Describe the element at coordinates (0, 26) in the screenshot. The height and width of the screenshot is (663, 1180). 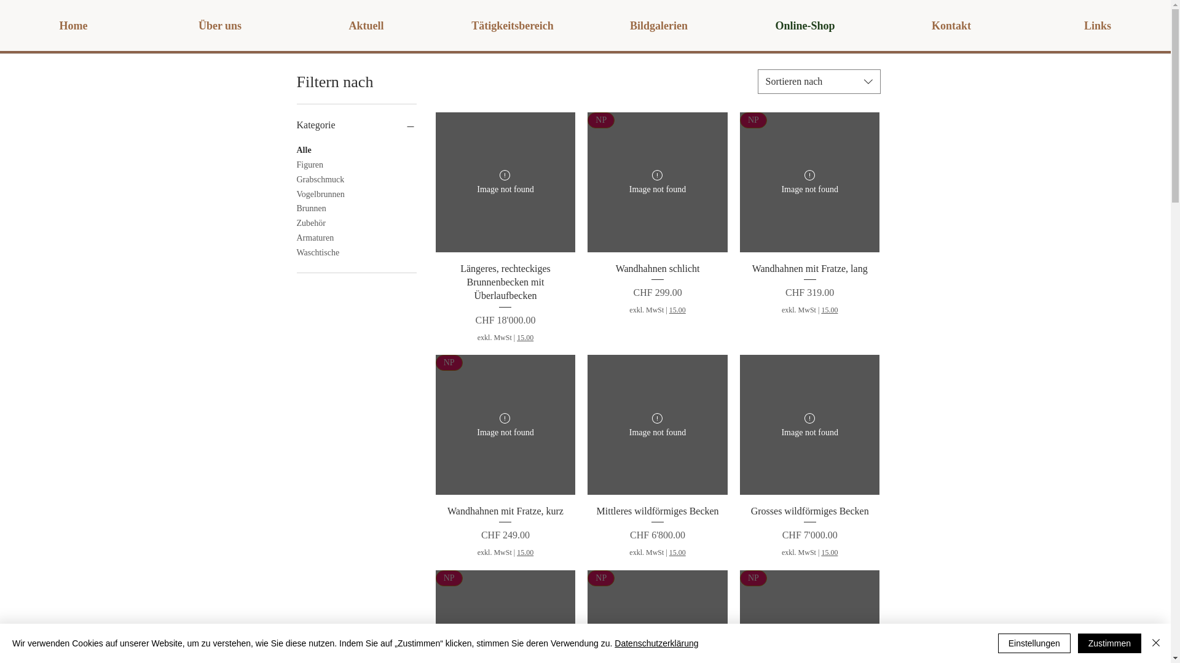
I see `'Home'` at that location.